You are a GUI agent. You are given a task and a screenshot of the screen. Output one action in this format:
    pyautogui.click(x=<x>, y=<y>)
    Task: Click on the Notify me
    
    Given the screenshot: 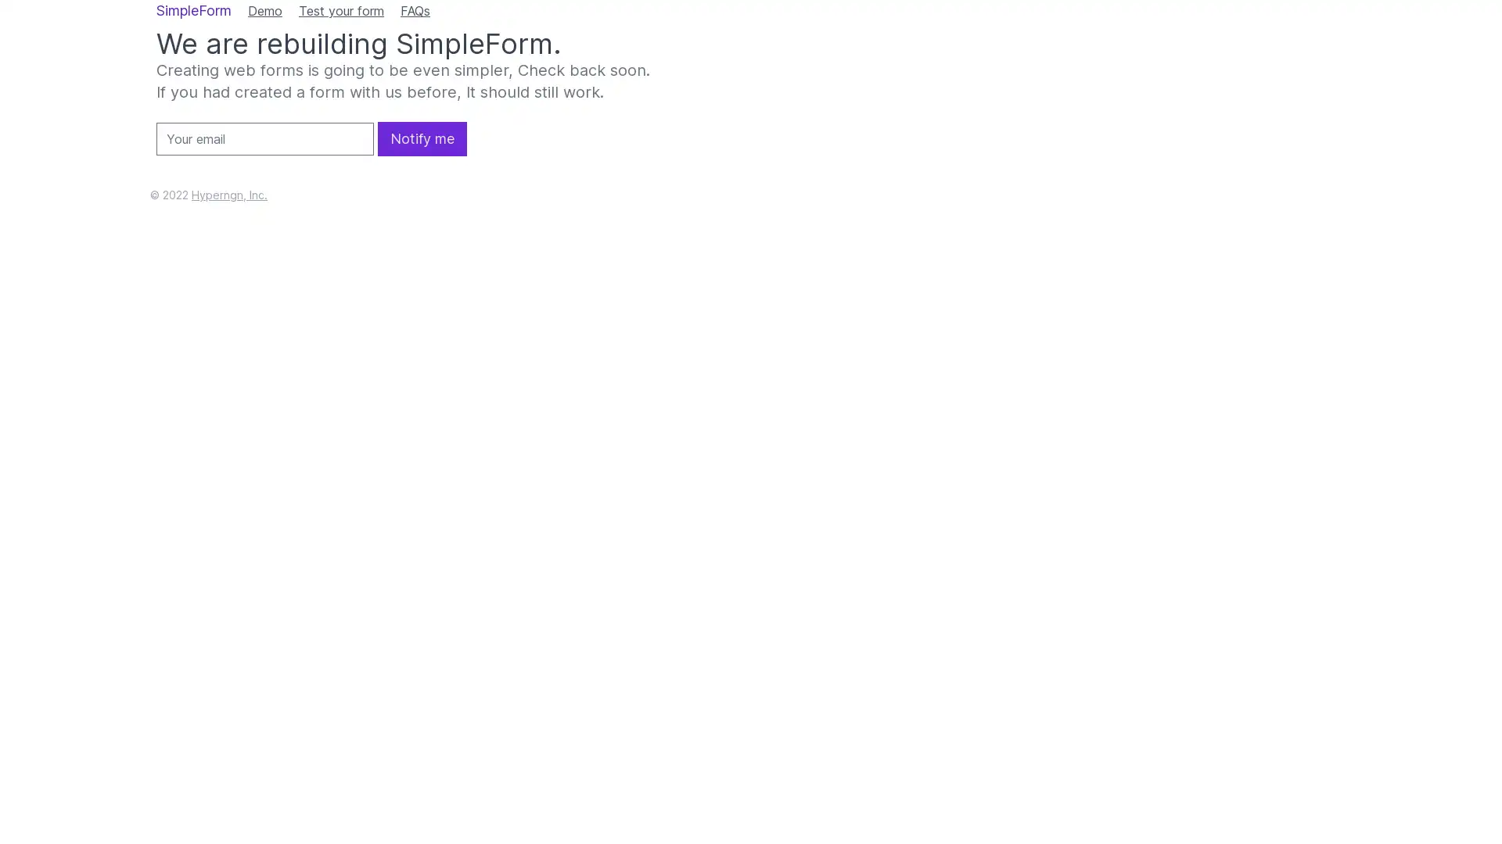 What is the action you would take?
    pyautogui.click(x=422, y=138)
    